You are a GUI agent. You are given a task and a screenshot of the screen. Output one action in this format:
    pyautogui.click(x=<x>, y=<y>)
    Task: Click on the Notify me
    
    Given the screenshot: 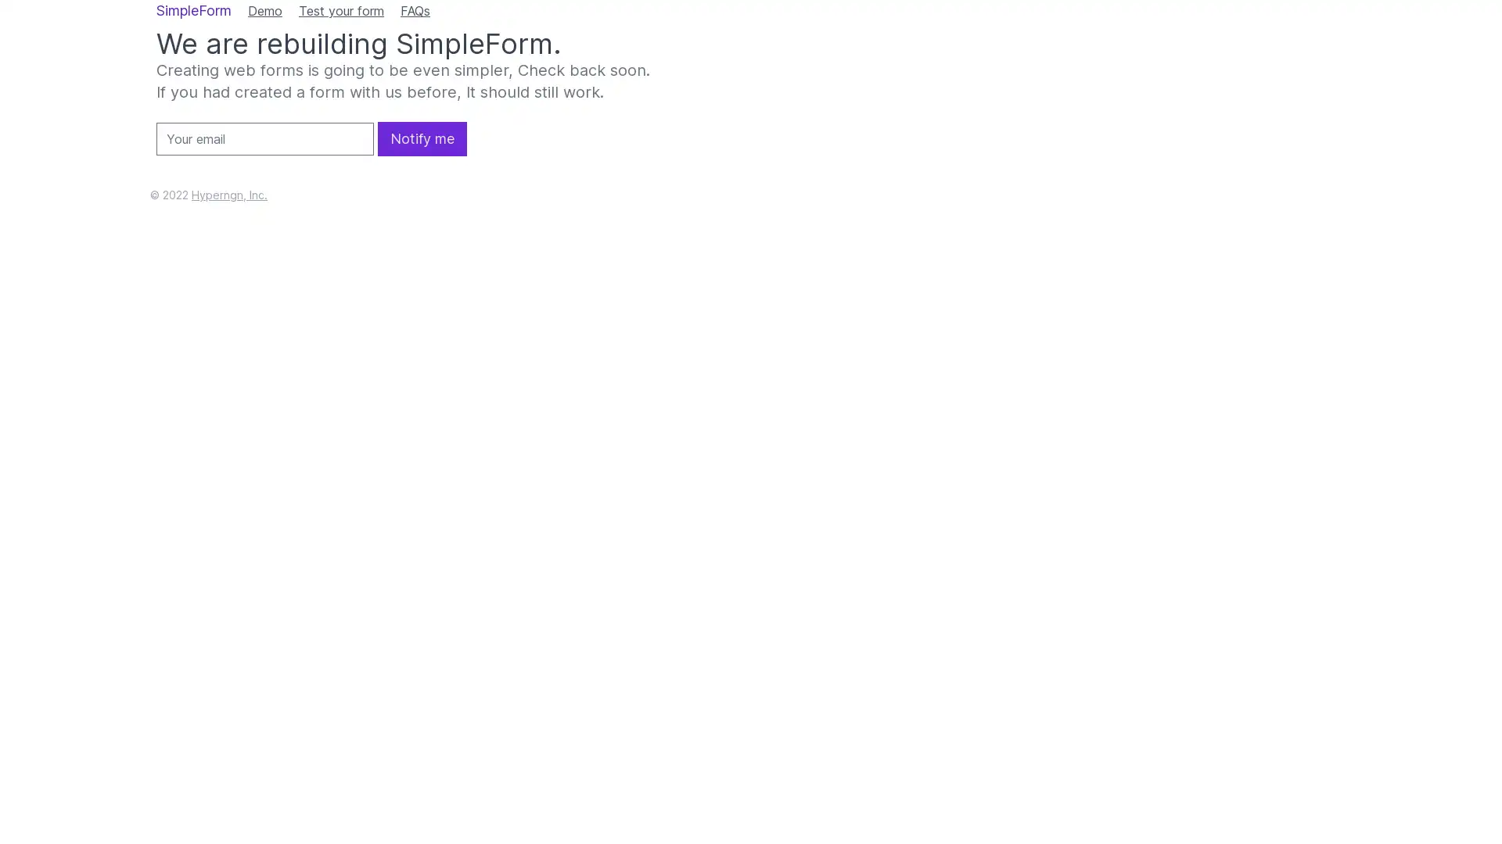 What is the action you would take?
    pyautogui.click(x=422, y=138)
    